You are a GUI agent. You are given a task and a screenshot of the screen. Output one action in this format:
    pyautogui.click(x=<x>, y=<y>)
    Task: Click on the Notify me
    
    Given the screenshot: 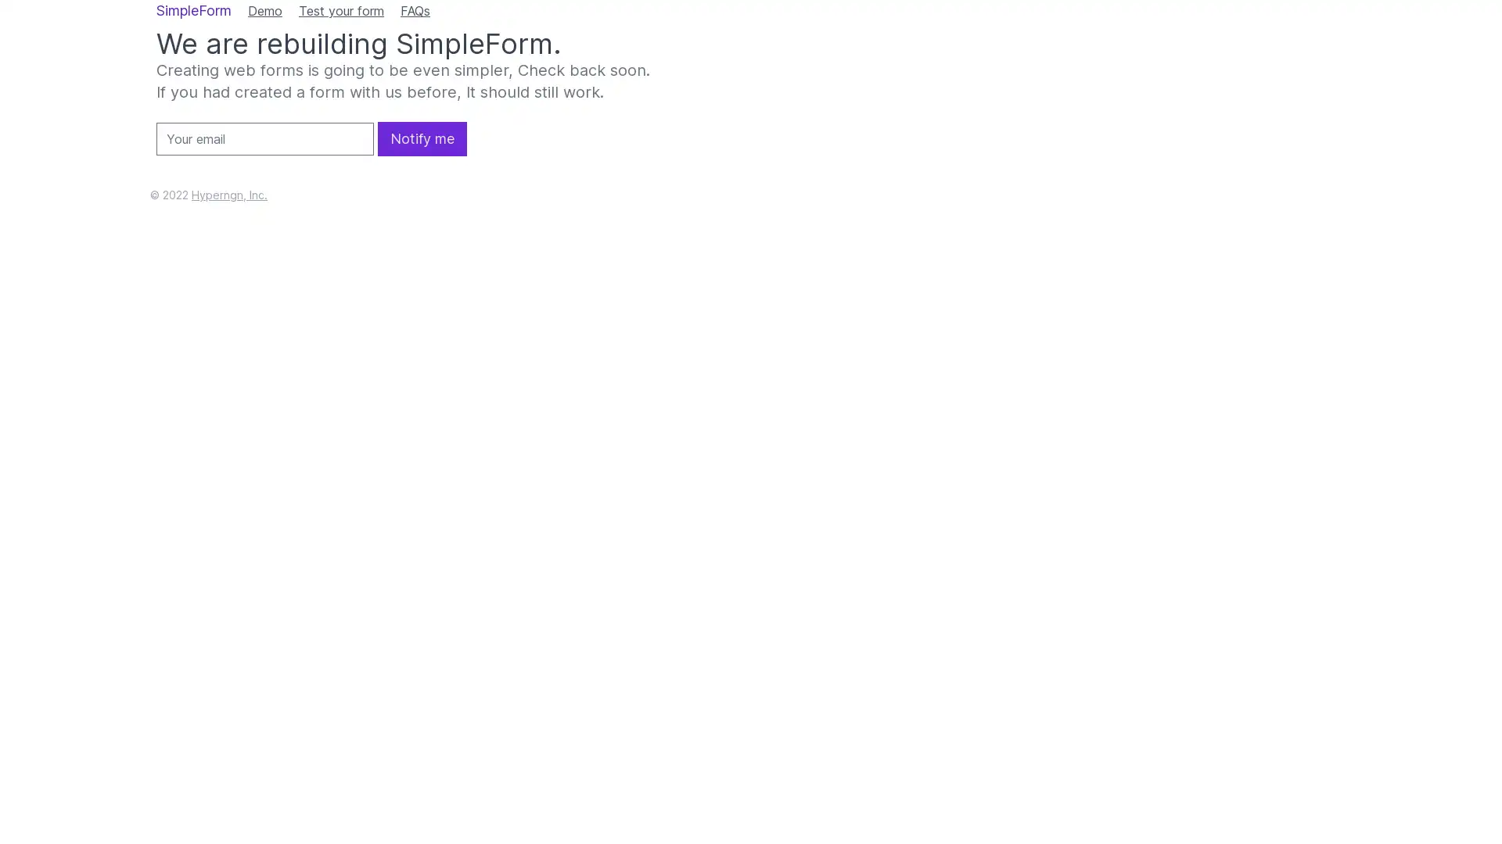 What is the action you would take?
    pyautogui.click(x=422, y=138)
    